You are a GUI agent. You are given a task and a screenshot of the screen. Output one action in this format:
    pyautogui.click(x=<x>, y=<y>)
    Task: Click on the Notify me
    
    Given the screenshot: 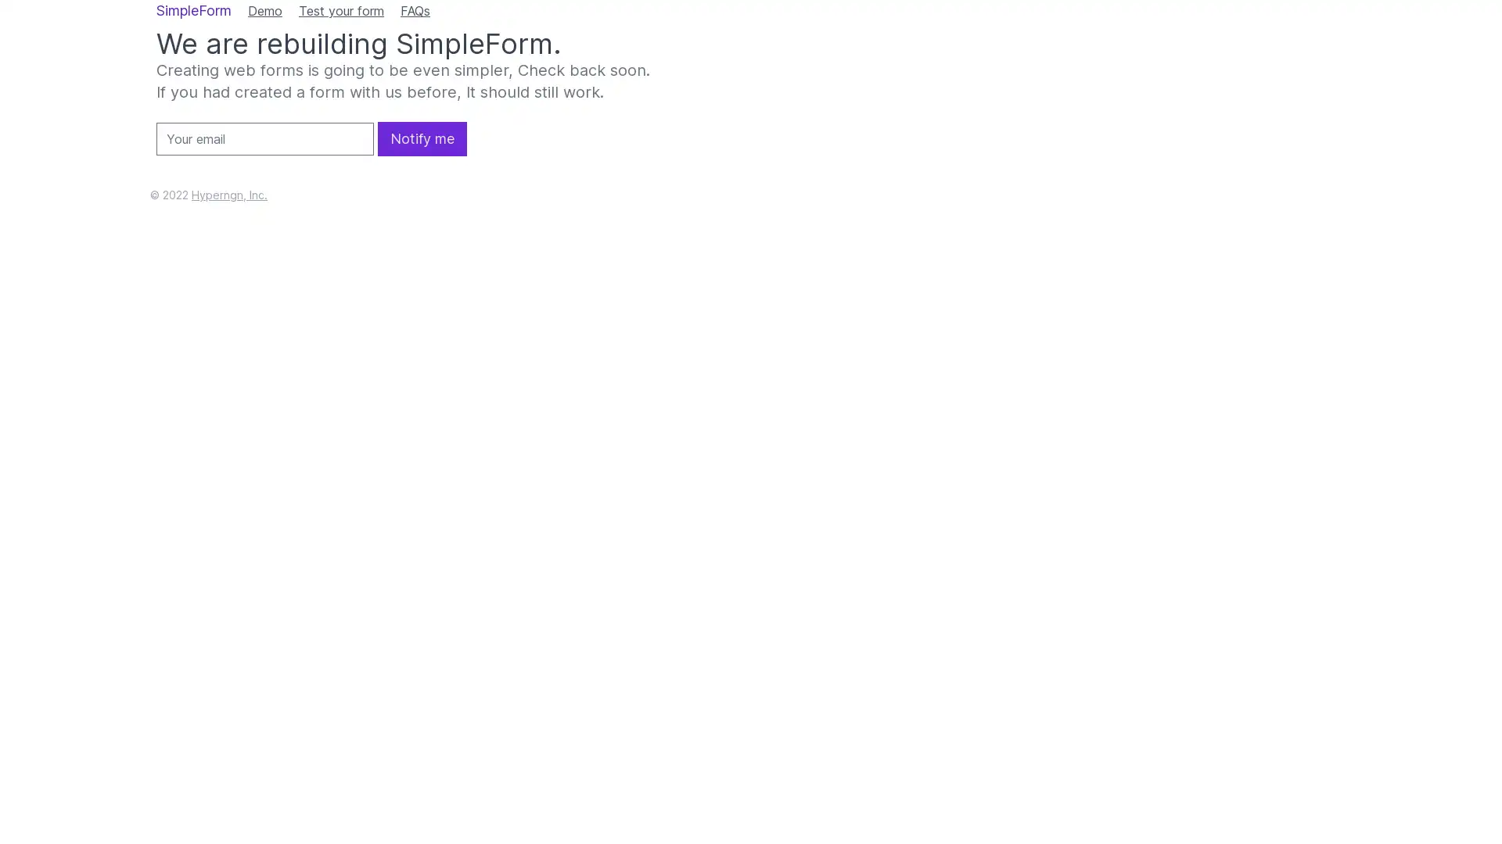 What is the action you would take?
    pyautogui.click(x=422, y=138)
    